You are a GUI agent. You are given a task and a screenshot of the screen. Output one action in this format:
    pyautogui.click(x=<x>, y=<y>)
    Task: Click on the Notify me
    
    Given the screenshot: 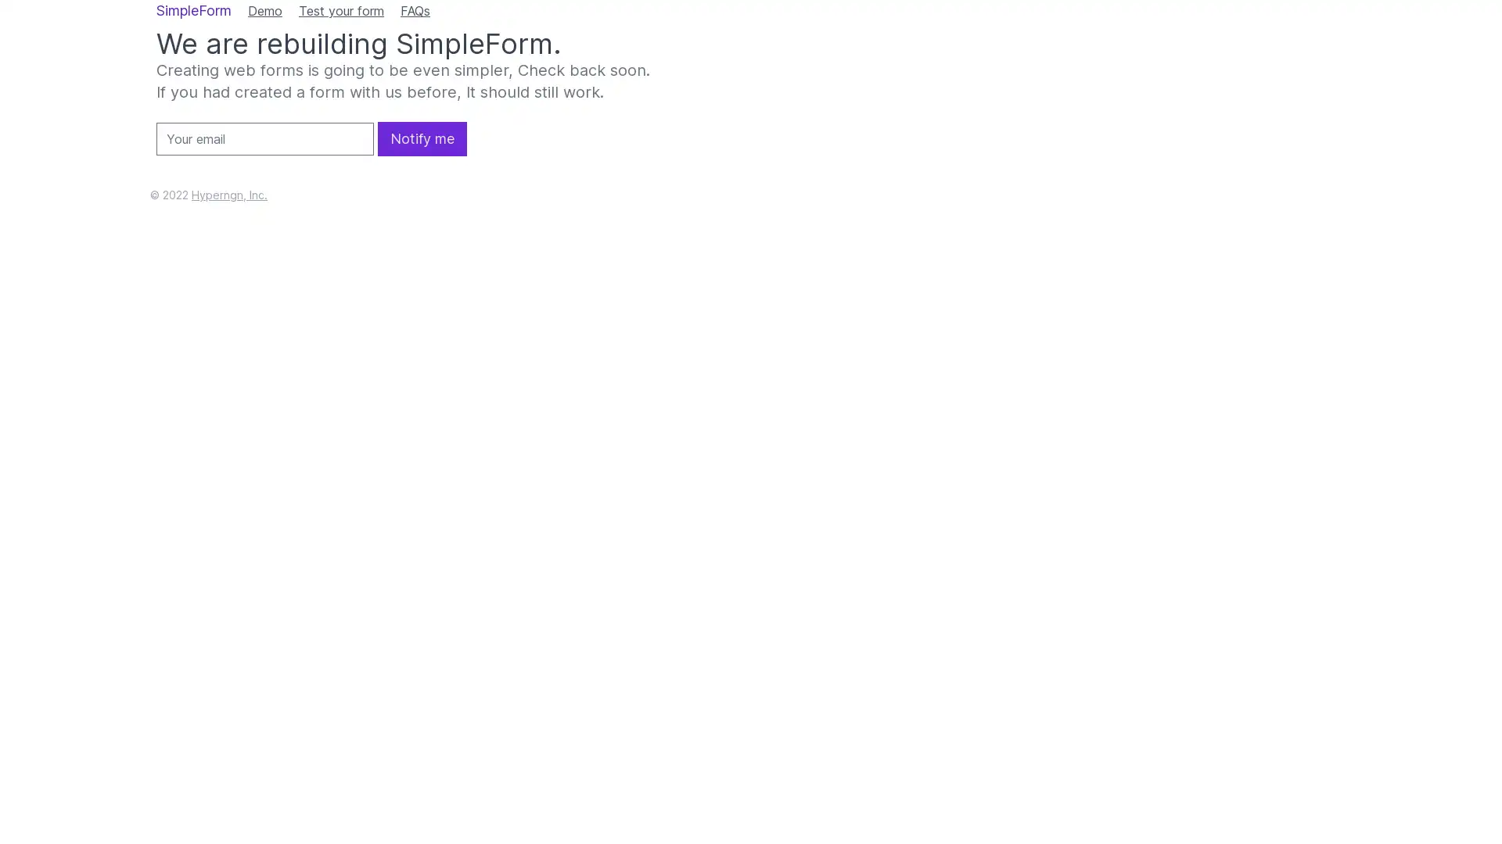 What is the action you would take?
    pyautogui.click(x=422, y=138)
    